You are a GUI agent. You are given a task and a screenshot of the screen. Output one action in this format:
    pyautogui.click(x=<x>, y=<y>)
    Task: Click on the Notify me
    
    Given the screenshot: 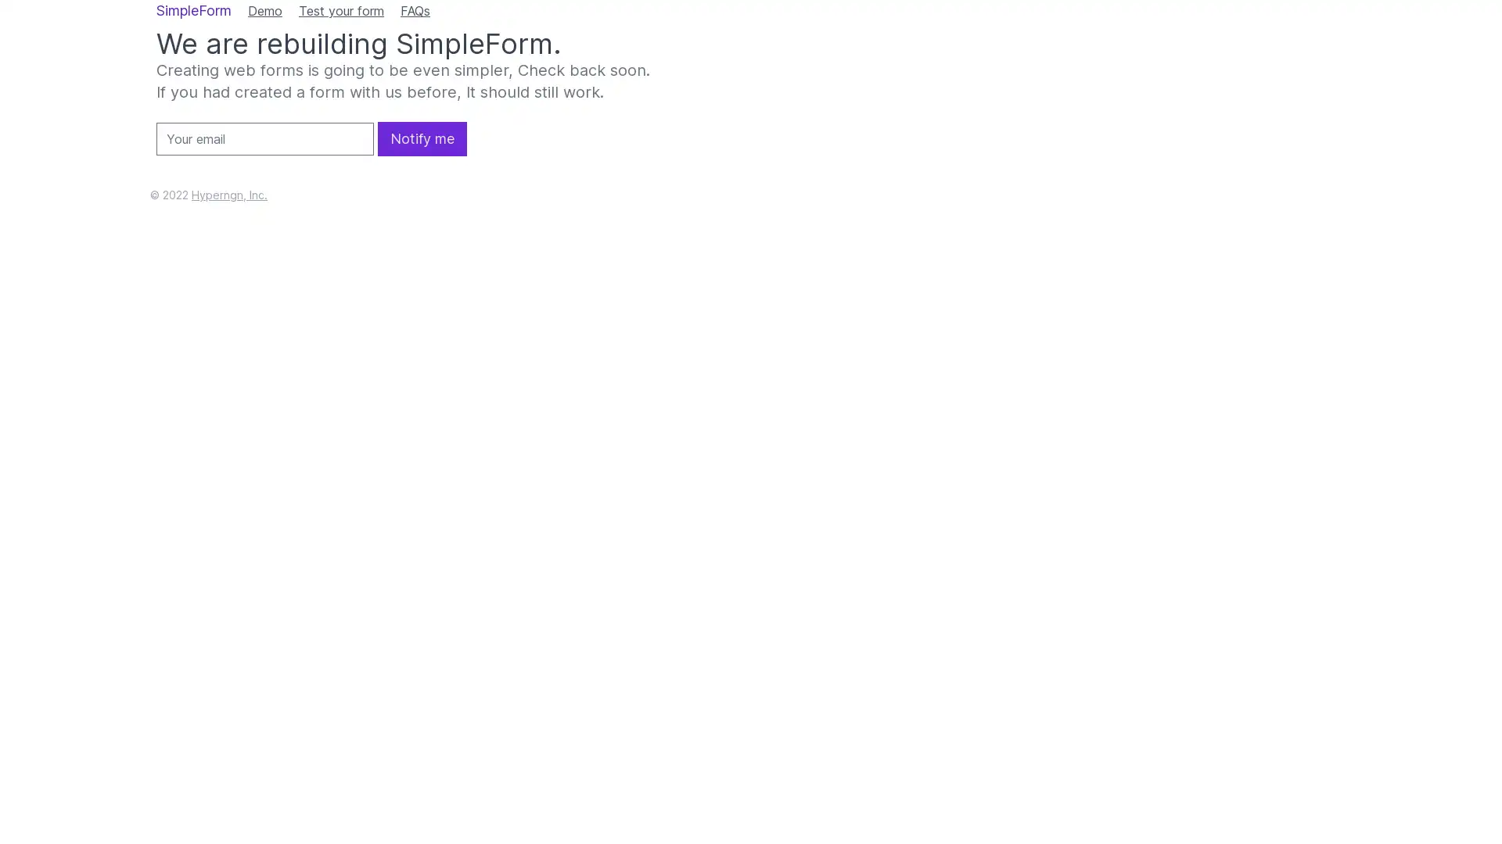 What is the action you would take?
    pyautogui.click(x=422, y=138)
    